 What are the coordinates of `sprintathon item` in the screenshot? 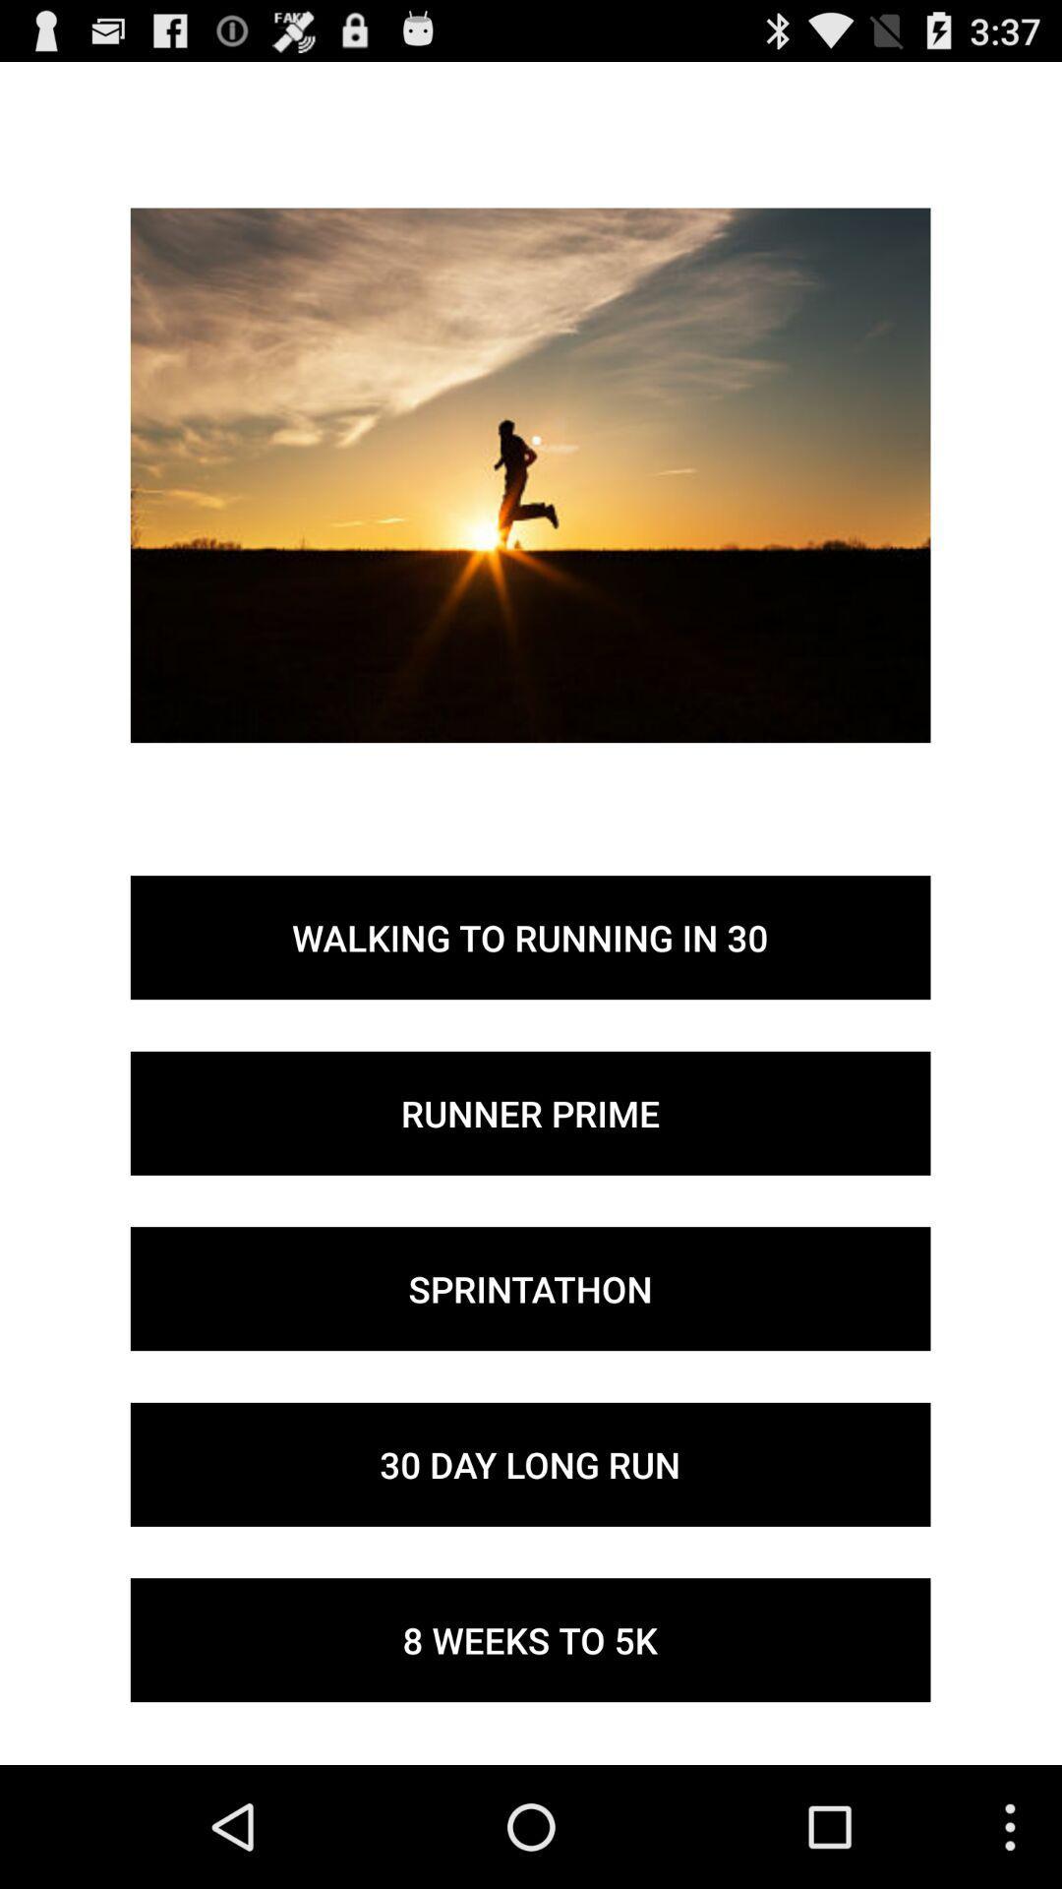 It's located at (529, 1289).